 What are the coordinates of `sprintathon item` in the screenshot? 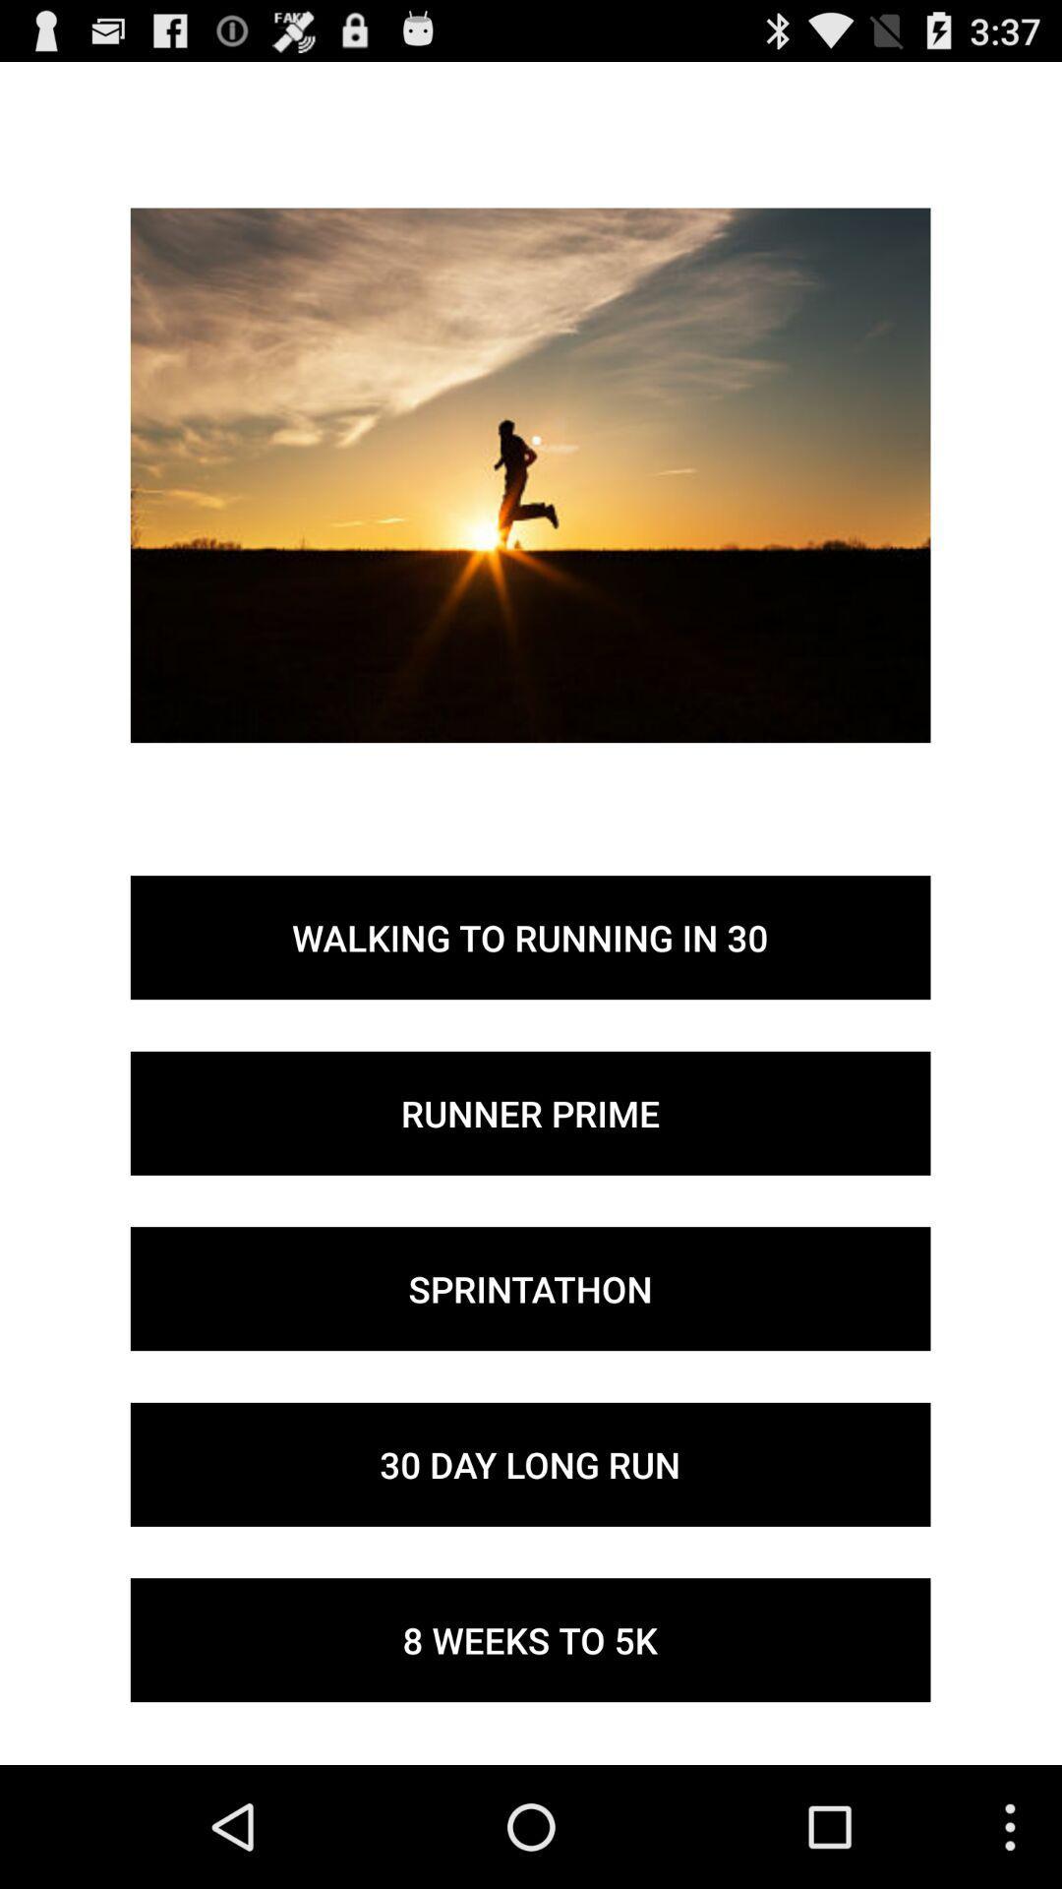 It's located at (529, 1289).